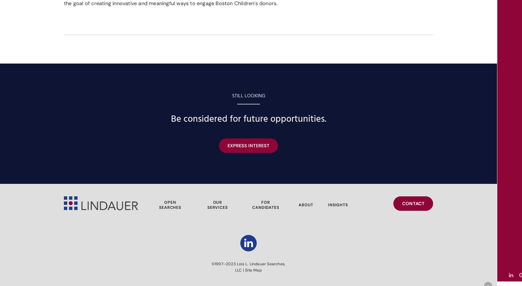  Describe the element at coordinates (306, 205) in the screenshot. I see `'ABOUT'` at that location.